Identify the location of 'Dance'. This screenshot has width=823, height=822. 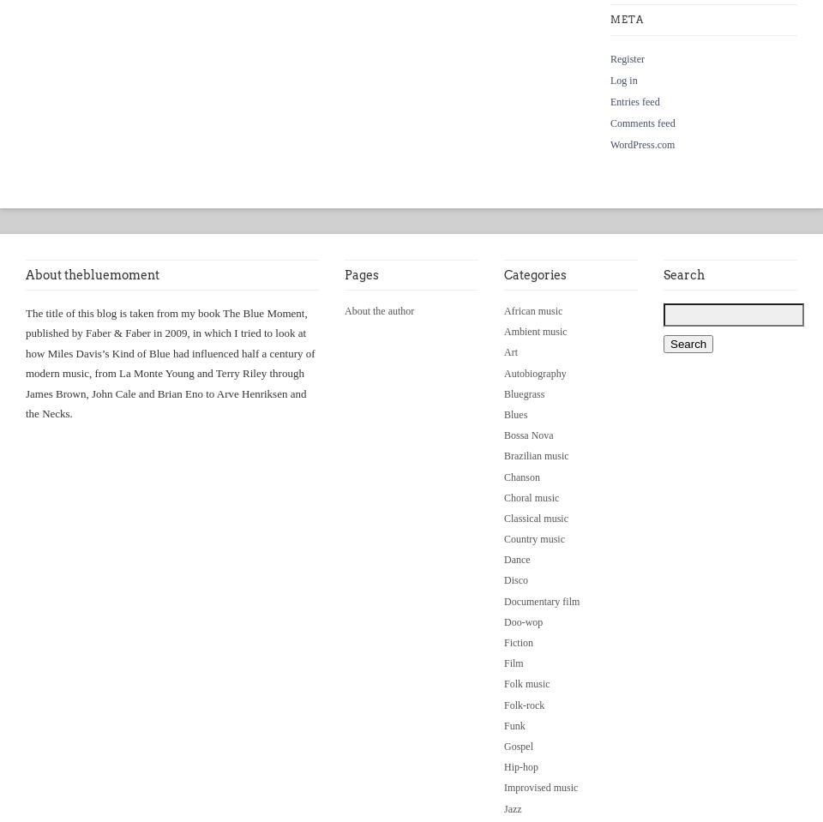
(515, 559).